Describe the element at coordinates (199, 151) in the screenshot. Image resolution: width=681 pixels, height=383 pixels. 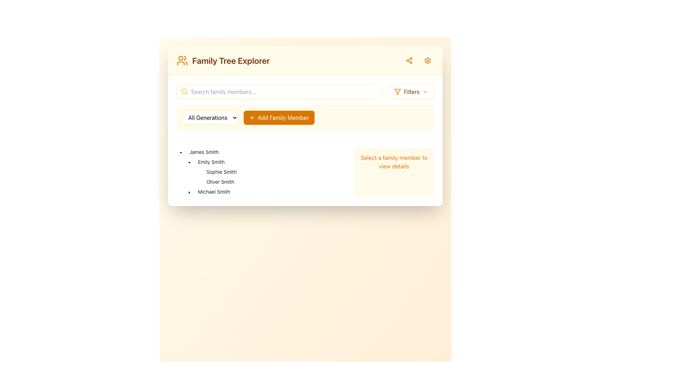
I see `the Tree View Item labeled 'James Smith'` at that location.